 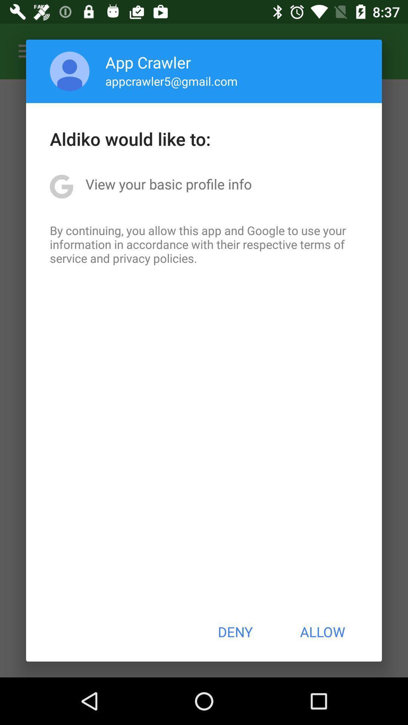 What do you see at coordinates (172, 81) in the screenshot?
I see `appcrawler5@gmail.com` at bounding box center [172, 81].